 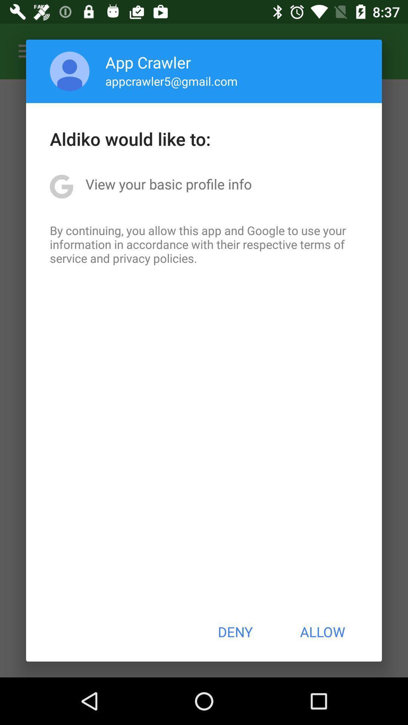 What do you see at coordinates (172, 81) in the screenshot?
I see `appcrawler5@gmail.com` at bounding box center [172, 81].